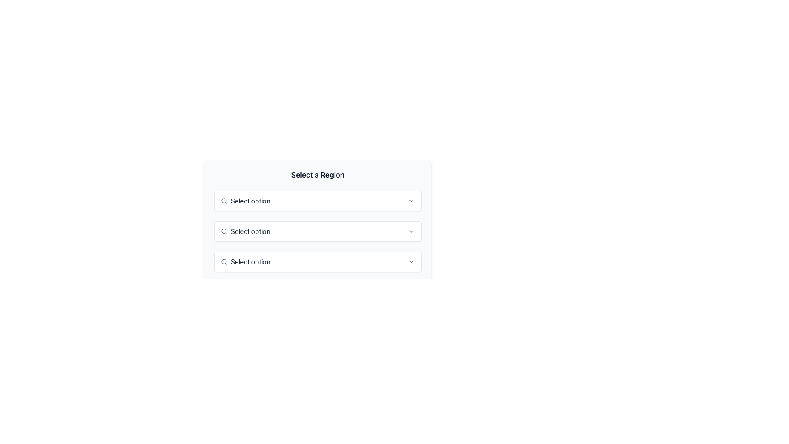  I want to click on an option from the second dropdown in the 'Select a Region' menu, which has a white background and rounded corners, so click(317, 214).